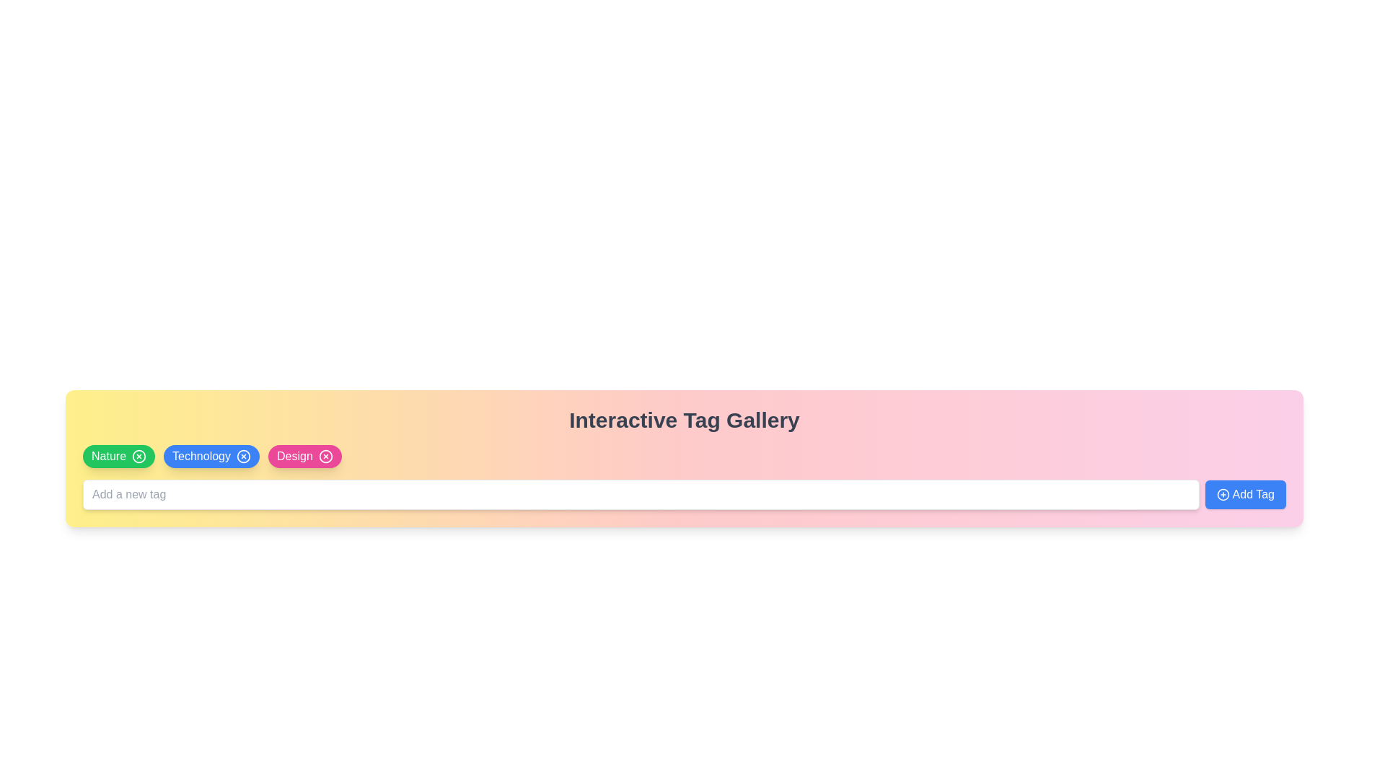 Image resolution: width=1385 pixels, height=779 pixels. I want to click on the SVG circle that visually represents the close action icon associated with the 'Nature' tag, located in the top-left corner of the tag, so click(138, 456).